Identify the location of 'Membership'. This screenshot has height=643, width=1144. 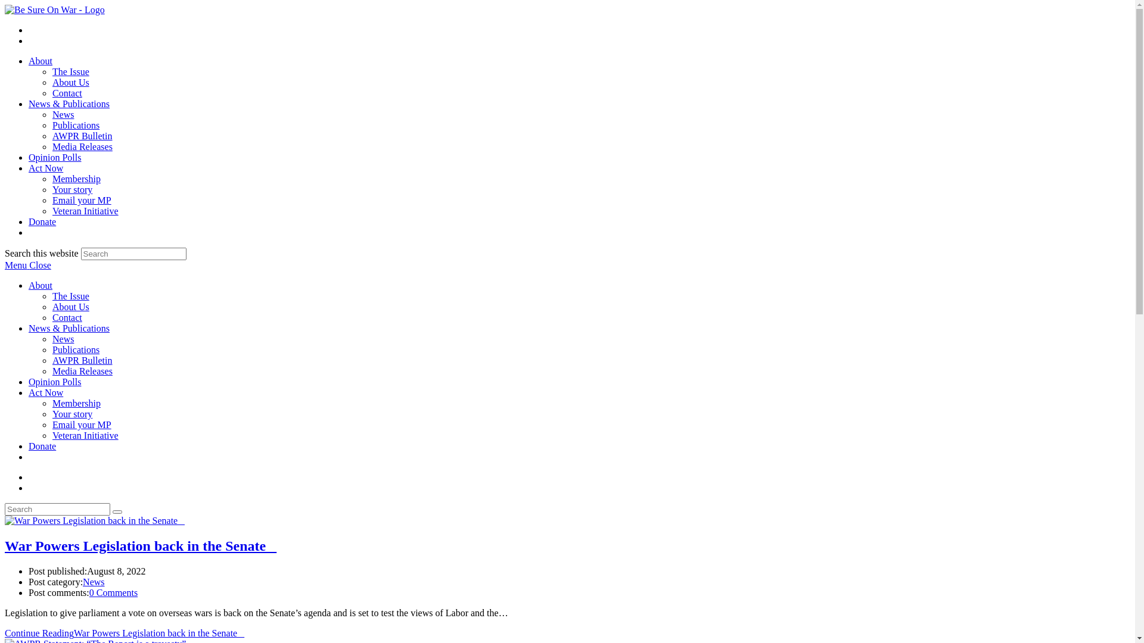
(76, 179).